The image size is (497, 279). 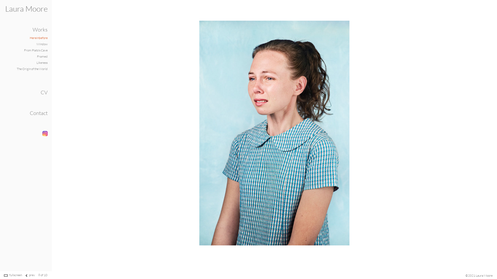 What do you see at coordinates (37, 56) in the screenshot?
I see `'Framed'` at bounding box center [37, 56].